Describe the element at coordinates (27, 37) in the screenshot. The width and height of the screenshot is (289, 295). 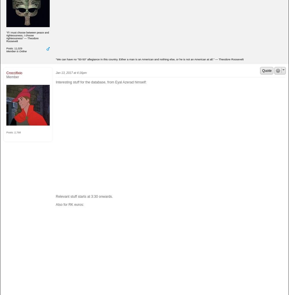
I see `'"If I must choose between peace and righteousness, I choose righteousness" — Theodore Roosevelt'` at that location.